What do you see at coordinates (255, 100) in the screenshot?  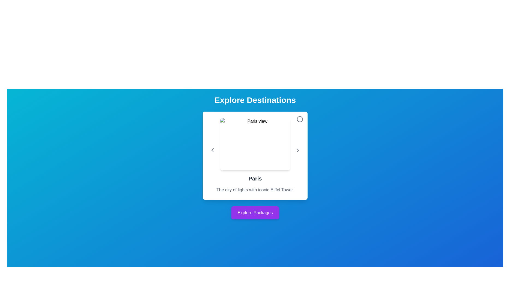 I see `the static text header located at the top center of the interface, which introduces the theme for exploring destinations` at bounding box center [255, 100].